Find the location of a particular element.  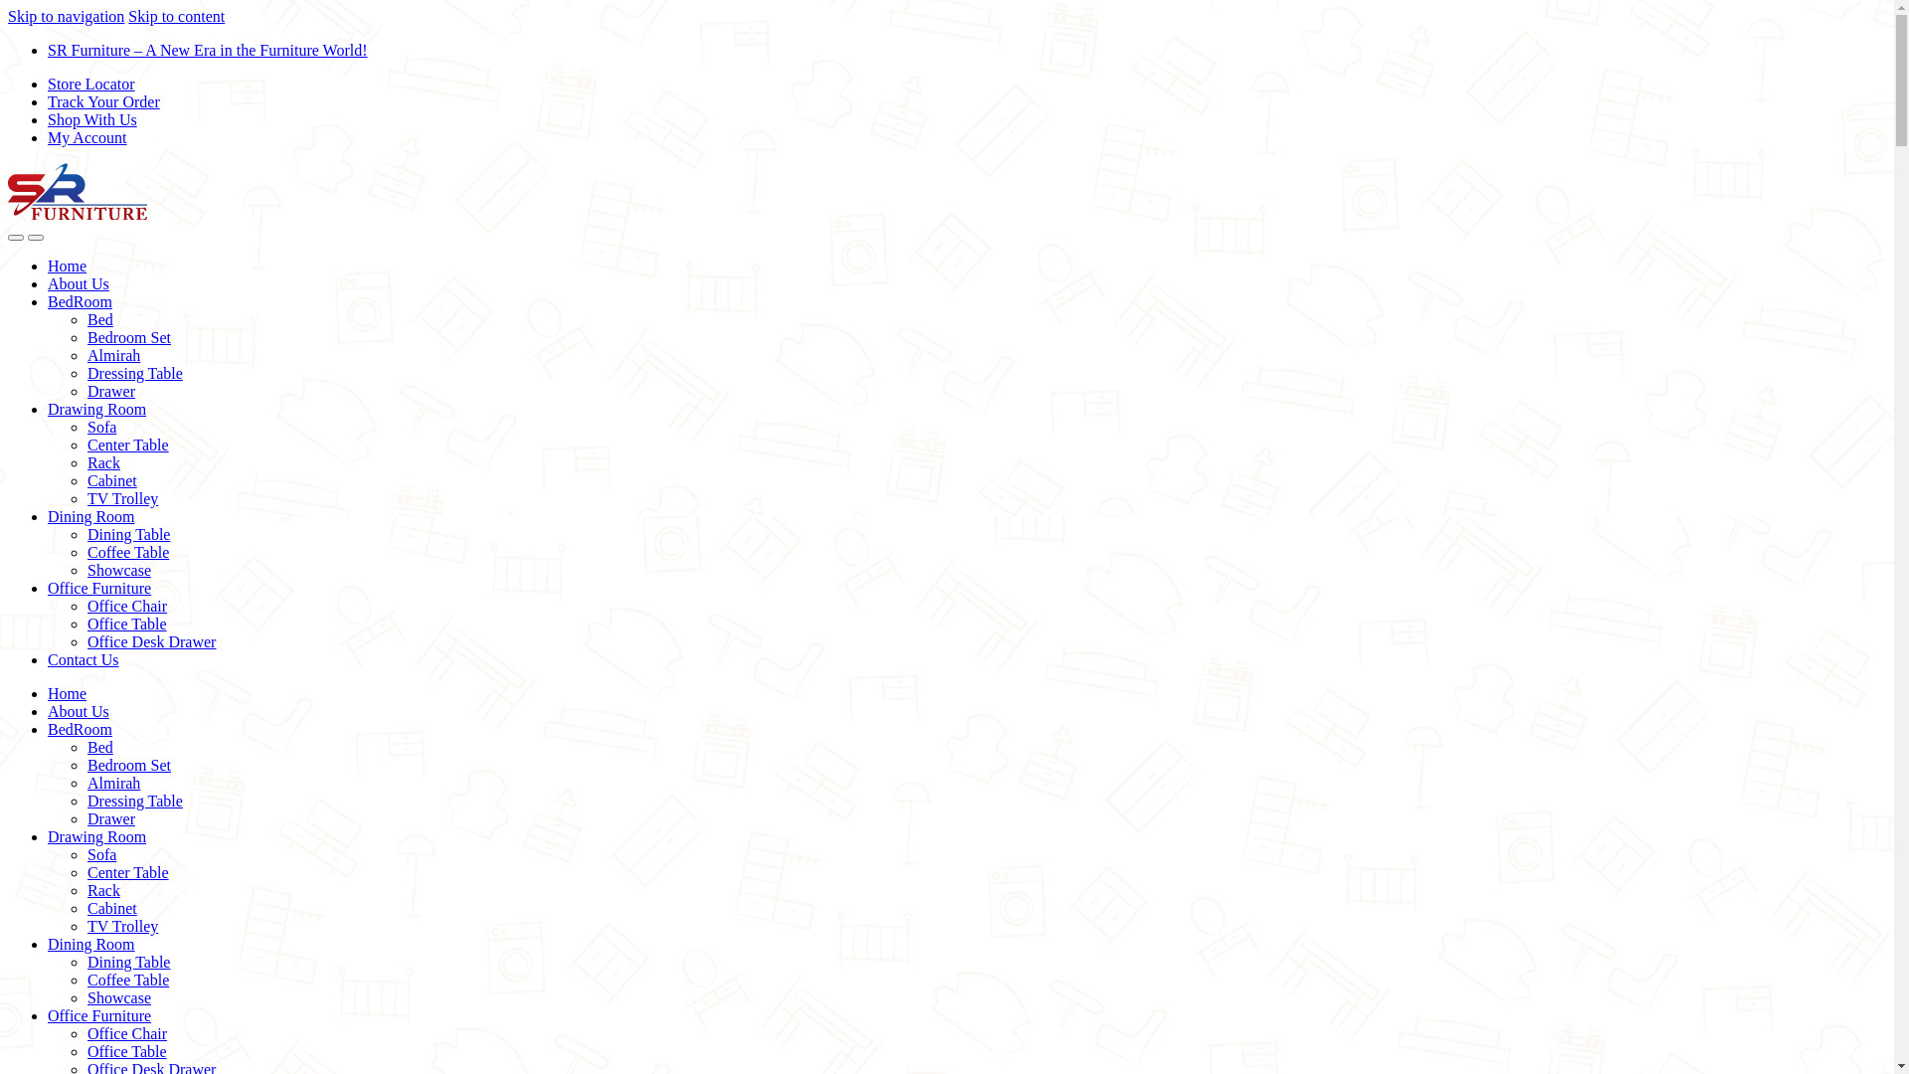

'Dining Room' is located at coordinates (89, 943).